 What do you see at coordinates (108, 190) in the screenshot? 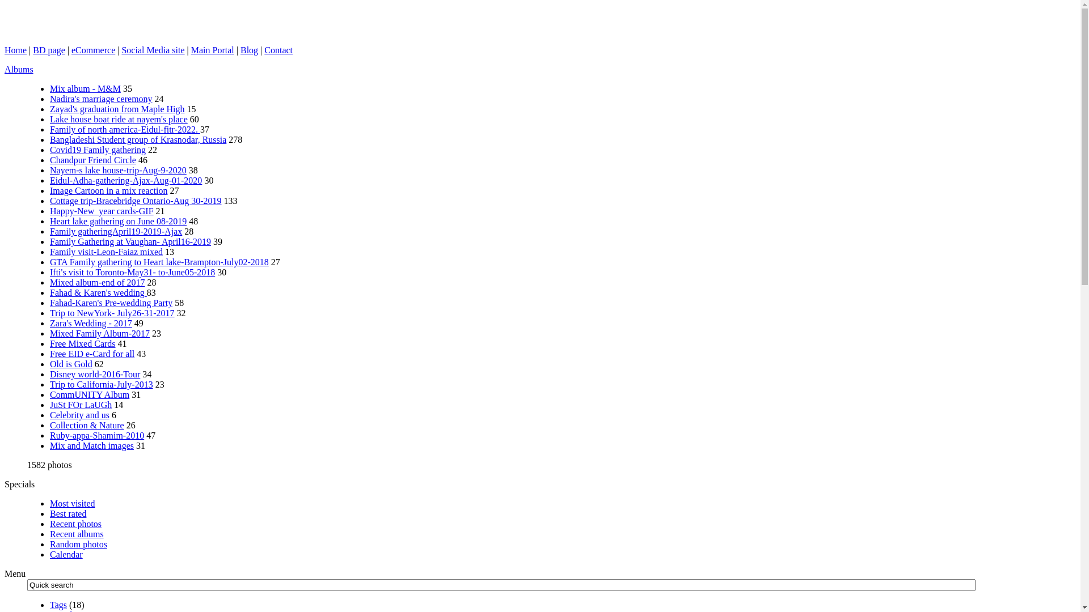
I see `'Image Cartoon in a mix reaction'` at bounding box center [108, 190].